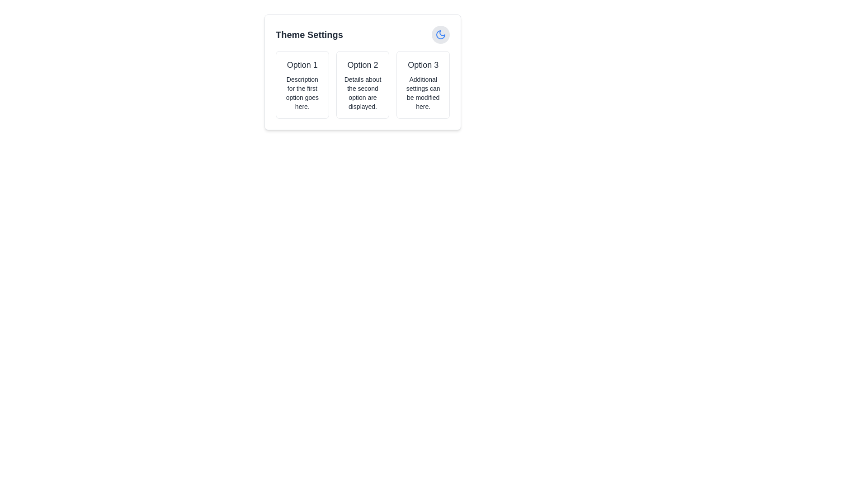 This screenshot has width=868, height=488. I want to click on the descriptive Text Label located below the title 'Option 2' in the 'Theme Settings' interface, so click(363, 93).